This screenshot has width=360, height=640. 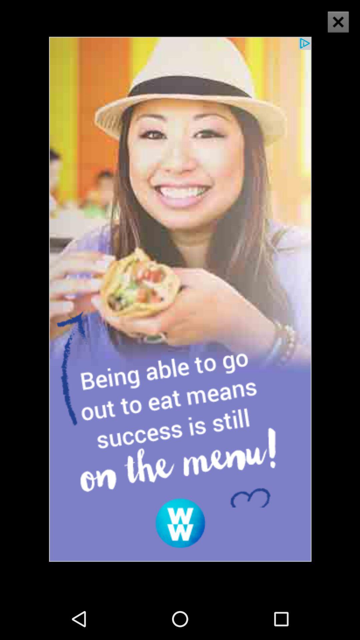 What do you see at coordinates (338, 23) in the screenshot?
I see `the close icon` at bounding box center [338, 23].